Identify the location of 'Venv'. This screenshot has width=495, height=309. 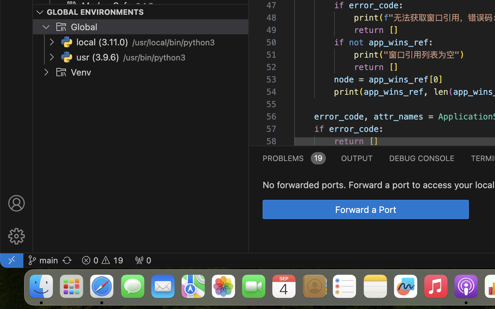
(81, 72).